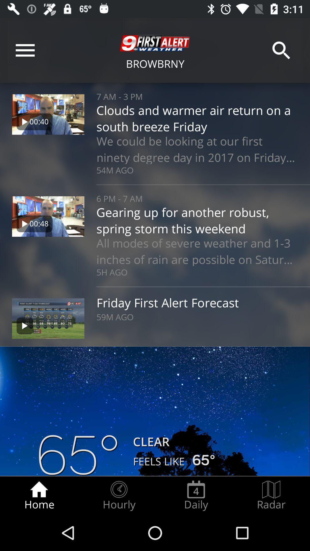  I want to click on the radar icon, so click(271, 495).